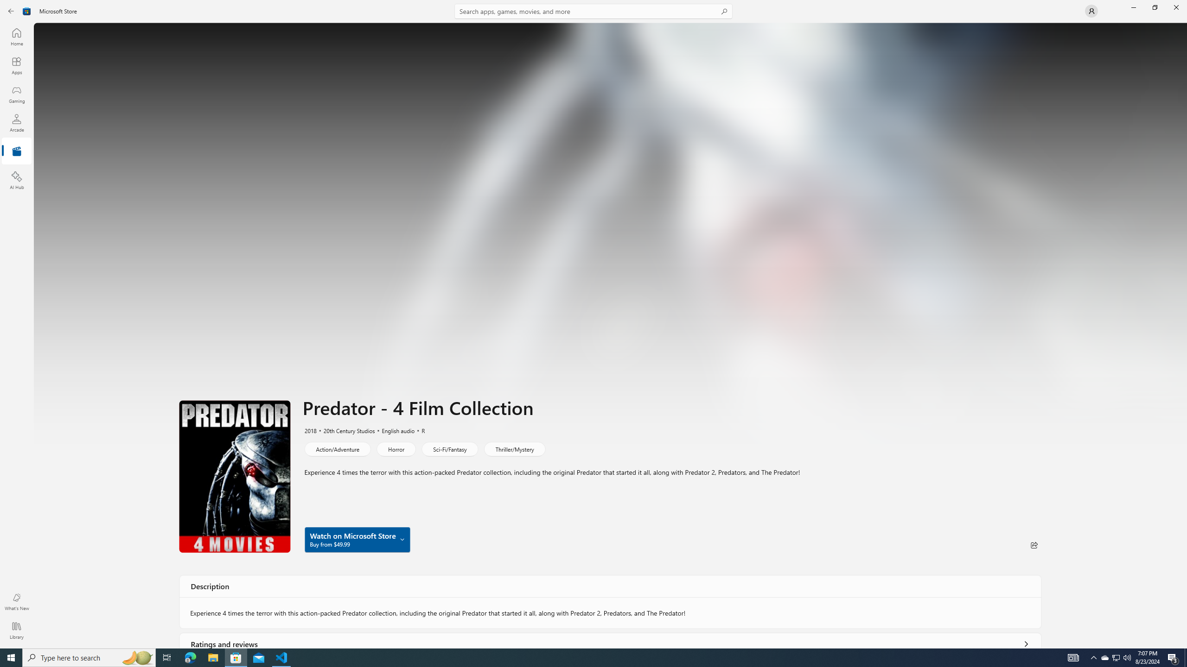 The image size is (1187, 667). What do you see at coordinates (11, 10) in the screenshot?
I see `'Back'` at bounding box center [11, 10].